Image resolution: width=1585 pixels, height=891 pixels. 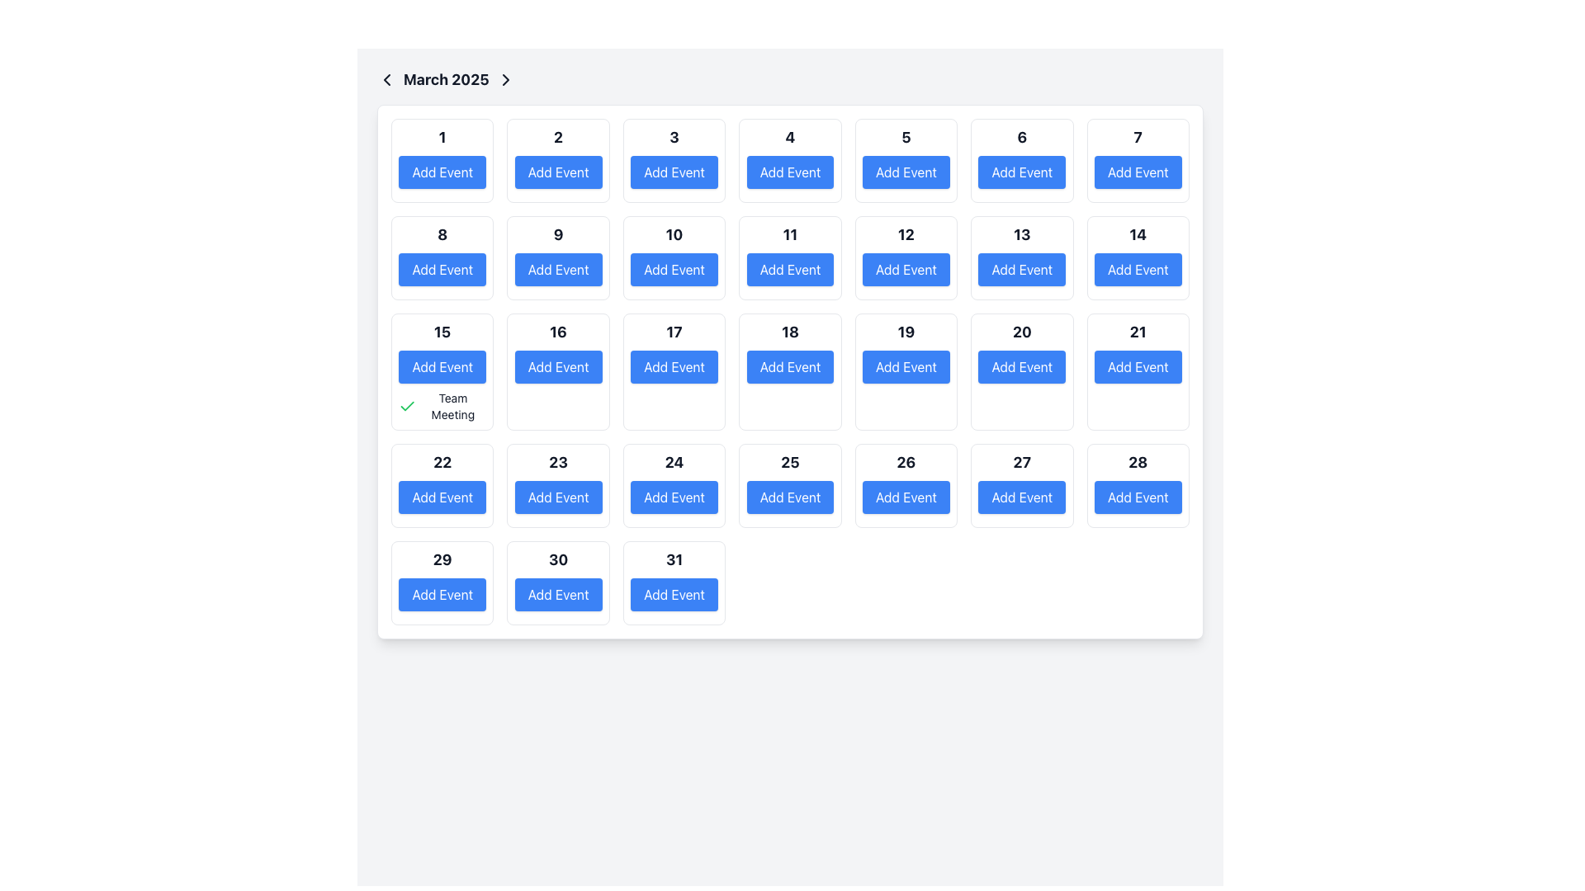 What do you see at coordinates (558, 559) in the screenshot?
I see `the text label representing the date '30' in the calendar, which is centered above the blue 'Add Event' button` at bounding box center [558, 559].